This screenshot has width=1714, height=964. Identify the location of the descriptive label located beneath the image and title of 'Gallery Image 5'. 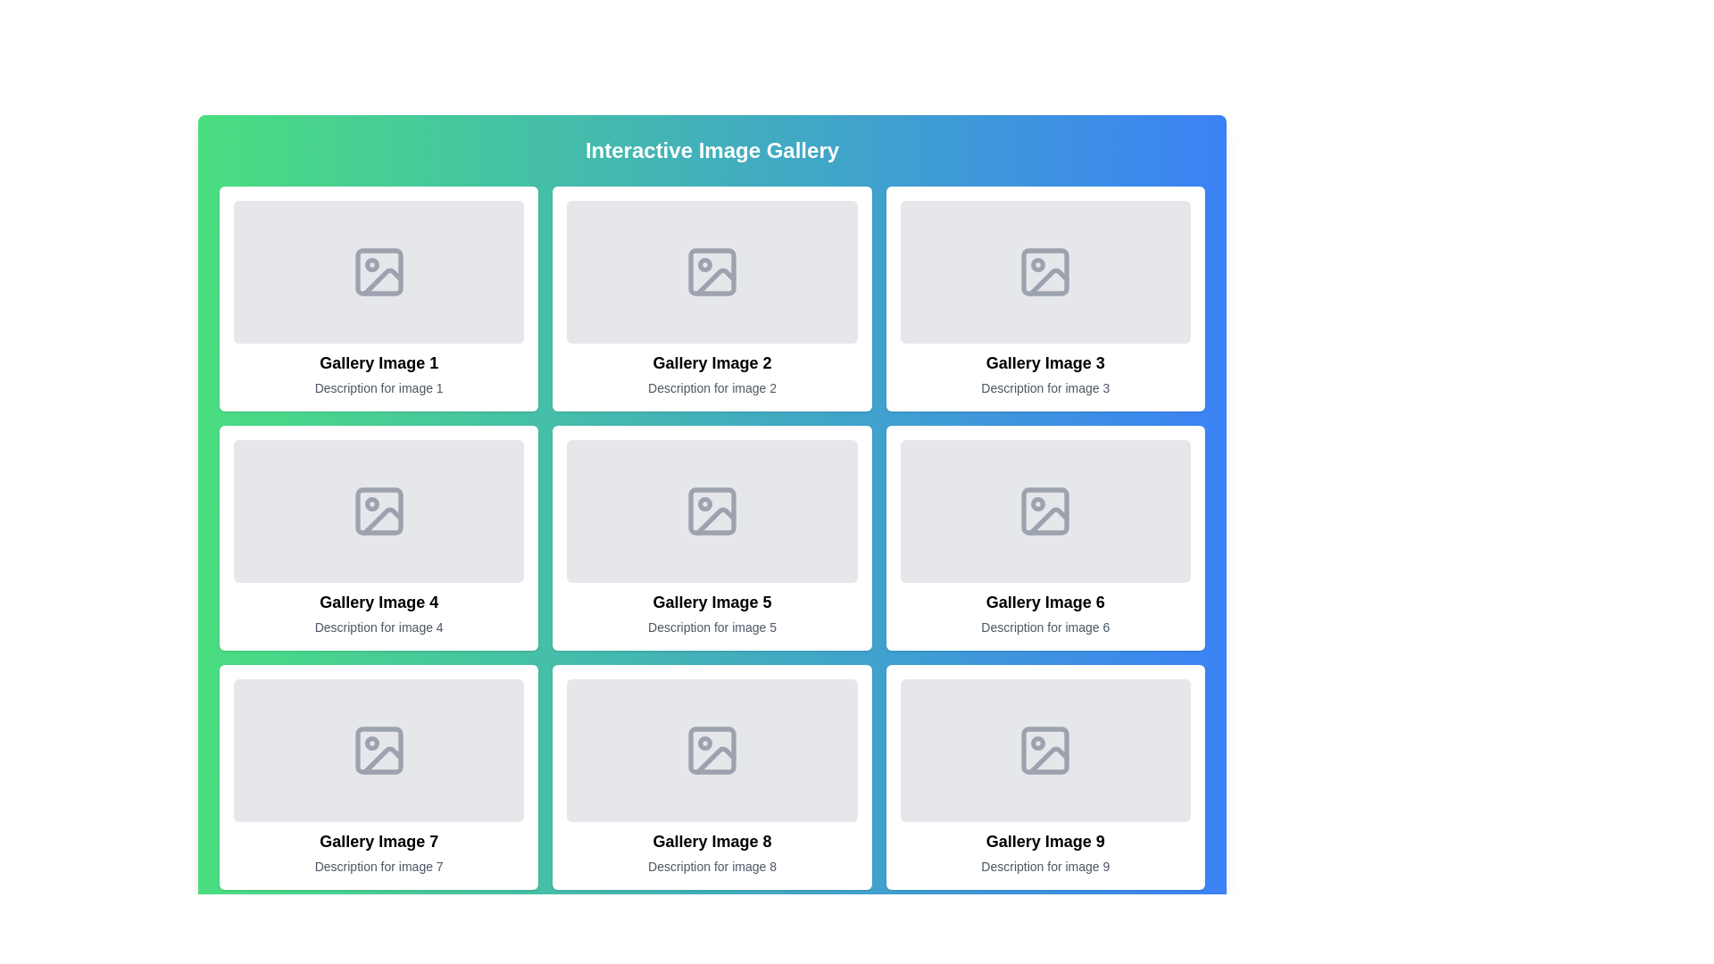
(711, 626).